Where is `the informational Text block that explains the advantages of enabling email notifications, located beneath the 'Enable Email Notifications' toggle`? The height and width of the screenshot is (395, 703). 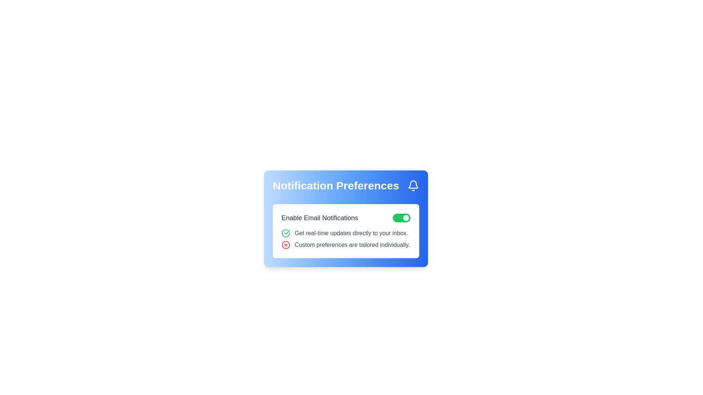
the informational Text block that explains the advantages of enabling email notifications, located beneath the 'Enable Email Notifications' toggle is located at coordinates (346, 239).